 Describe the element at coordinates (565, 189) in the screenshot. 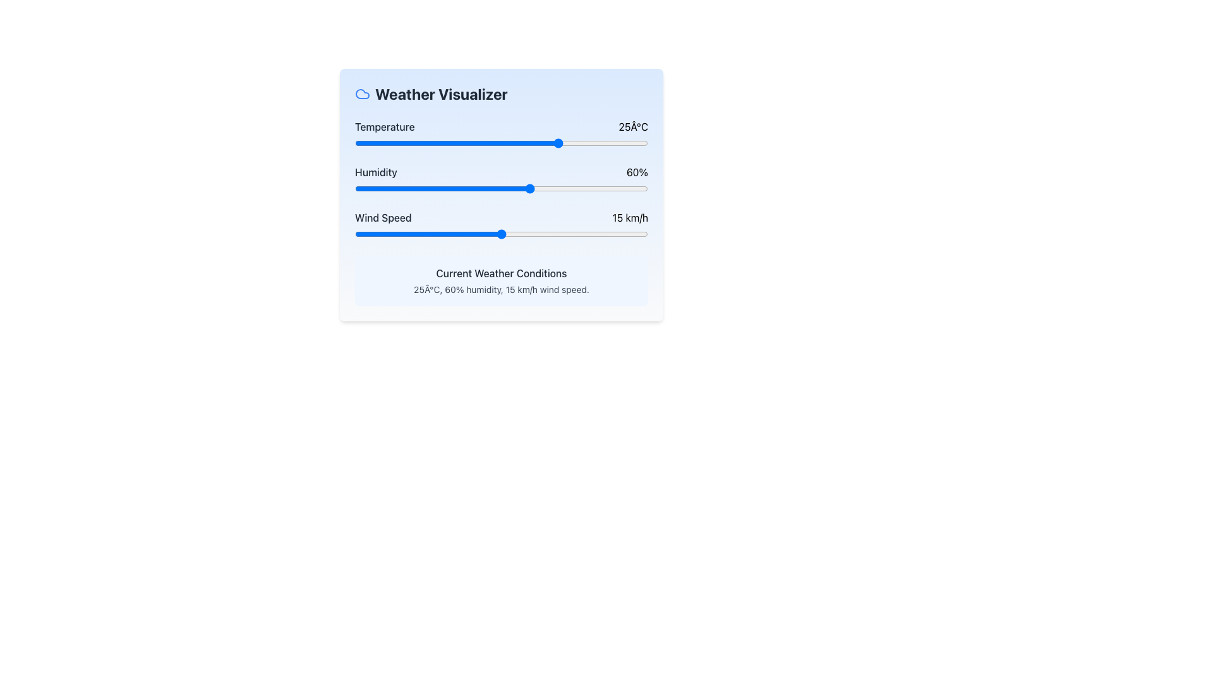

I see `the humidity level` at that location.